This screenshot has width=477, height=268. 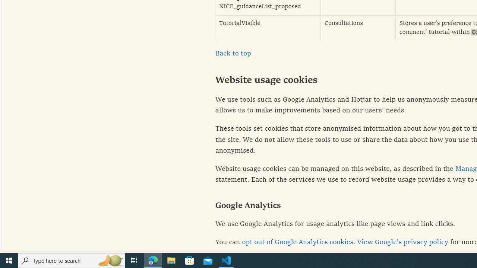 I want to click on 'Consultations', so click(x=358, y=28).